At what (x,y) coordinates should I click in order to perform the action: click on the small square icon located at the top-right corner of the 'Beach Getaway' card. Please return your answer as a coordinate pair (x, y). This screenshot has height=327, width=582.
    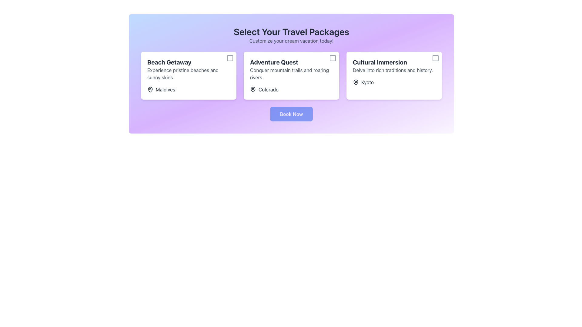
    Looking at the image, I should click on (229, 58).